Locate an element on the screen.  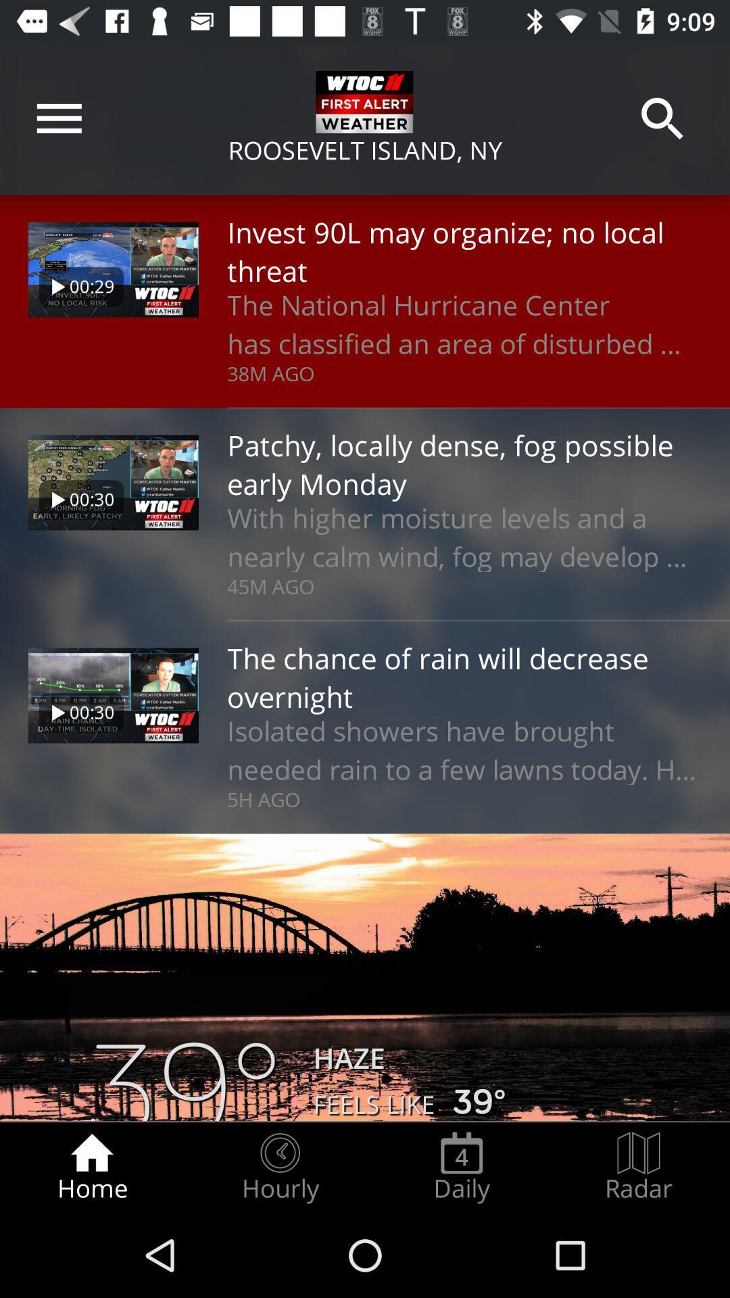
the home icon is located at coordinates (91, 1167).